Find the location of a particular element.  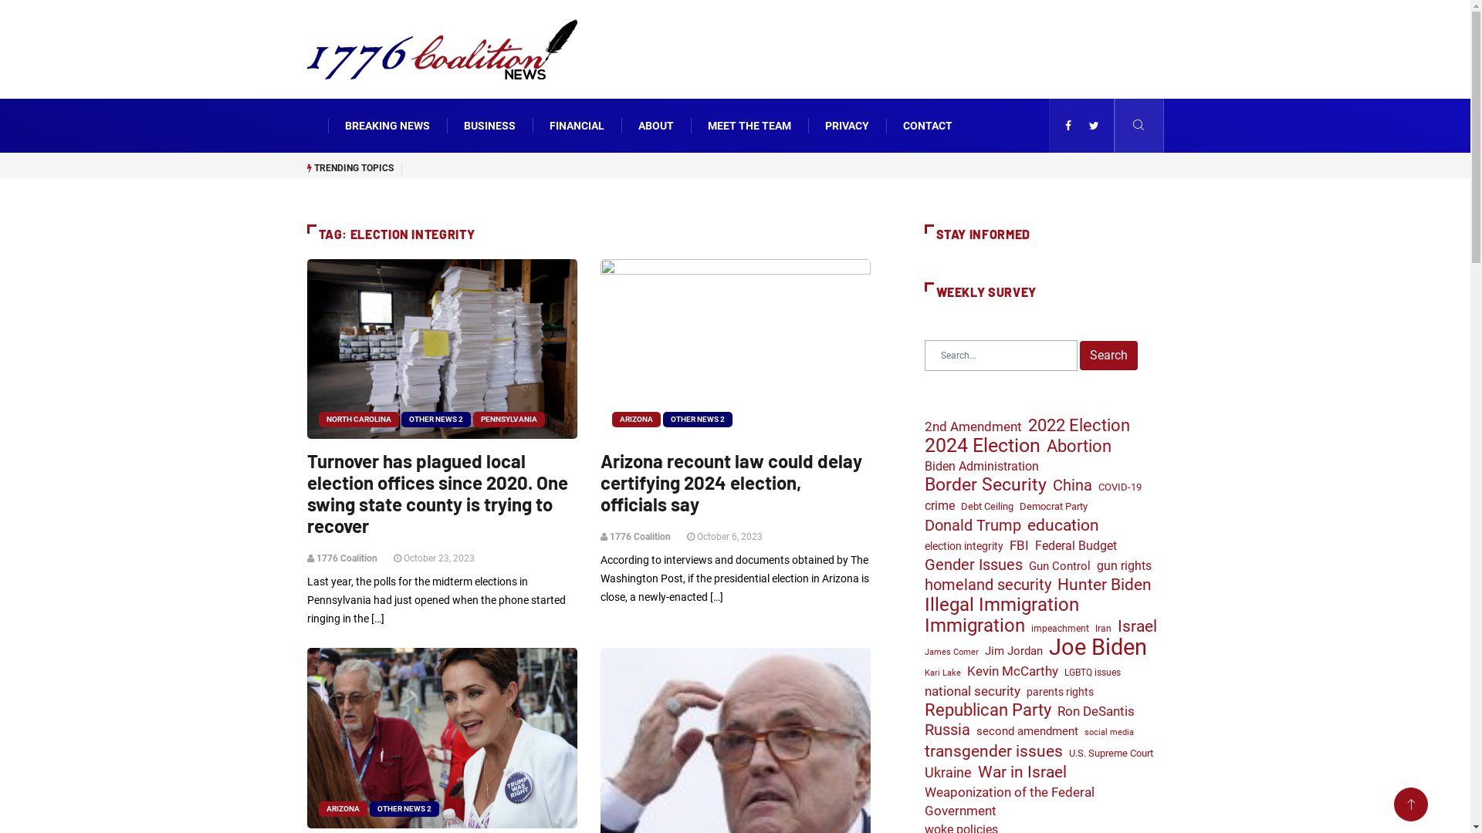

'2022 Election' is located at coordinates (1078, 425).